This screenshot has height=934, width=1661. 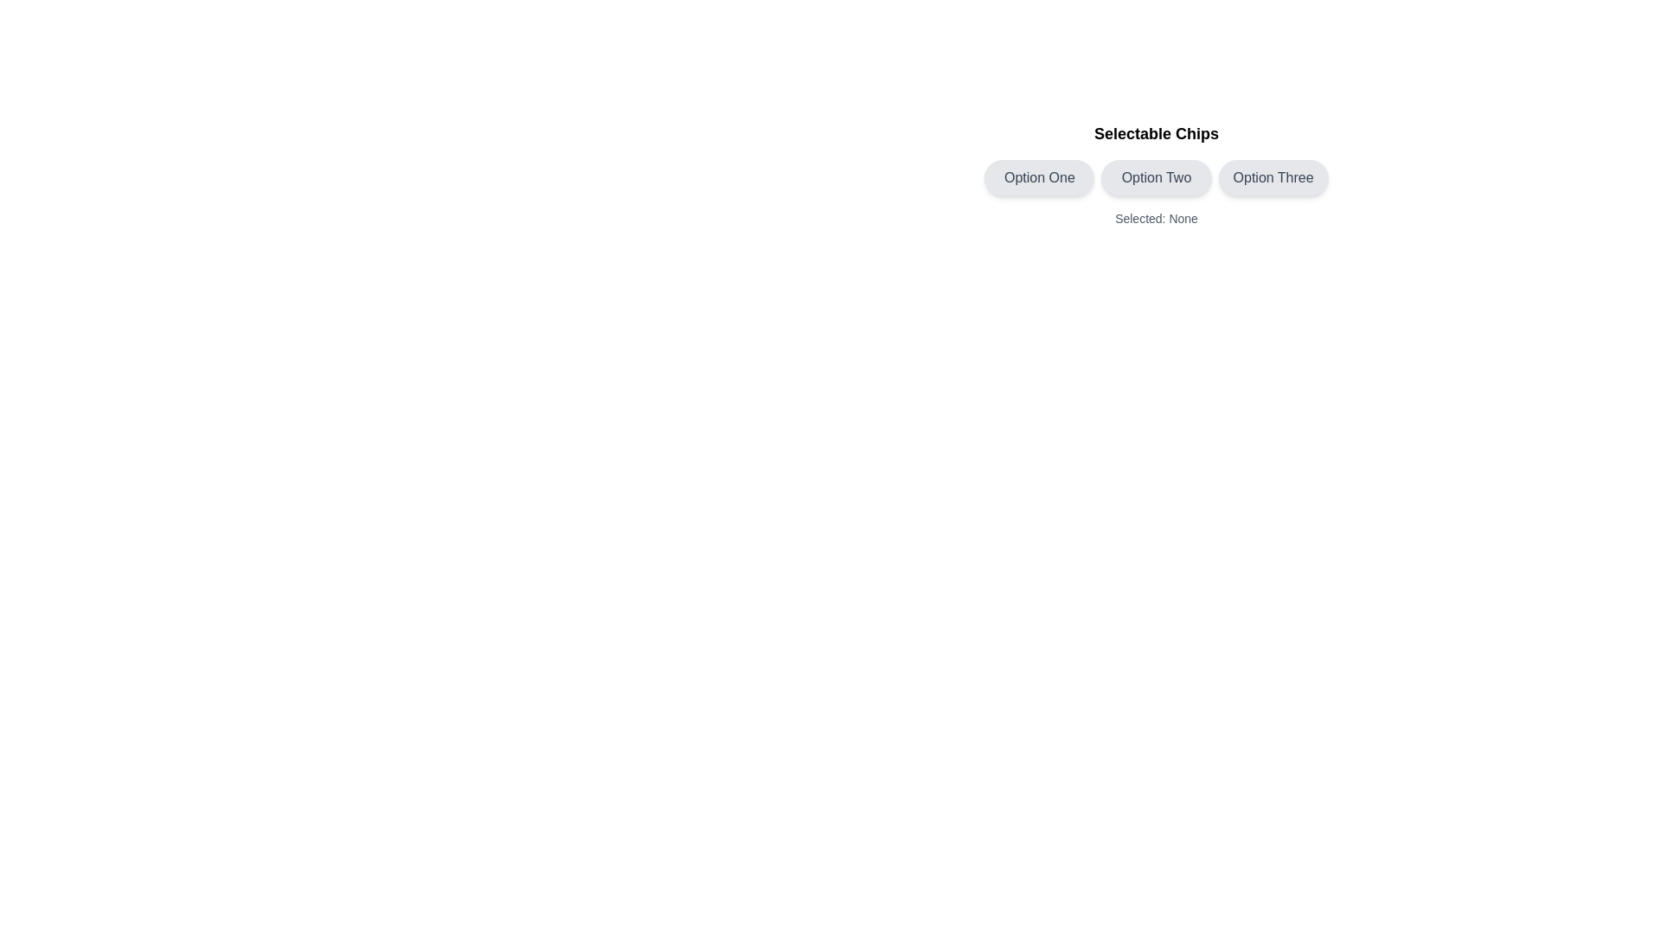 What do you see at coordinates (1157, 174) in the screenshot?
I see `one of the buttons in the 'Selectable Chips' section to make a selection` at bounding box center [1157, 174].